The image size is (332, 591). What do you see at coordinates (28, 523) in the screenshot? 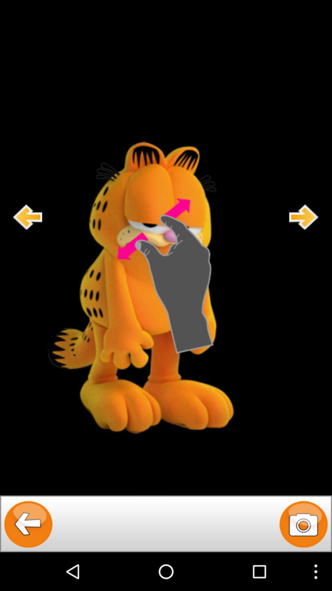
I see `go back` at bounding box center [28, 523].